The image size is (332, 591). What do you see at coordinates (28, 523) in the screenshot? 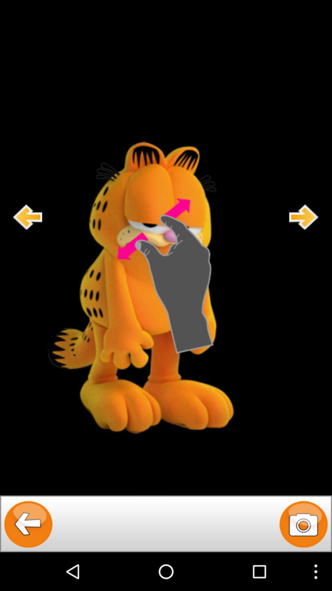
I see `go back` at bounding box center [28, 523].